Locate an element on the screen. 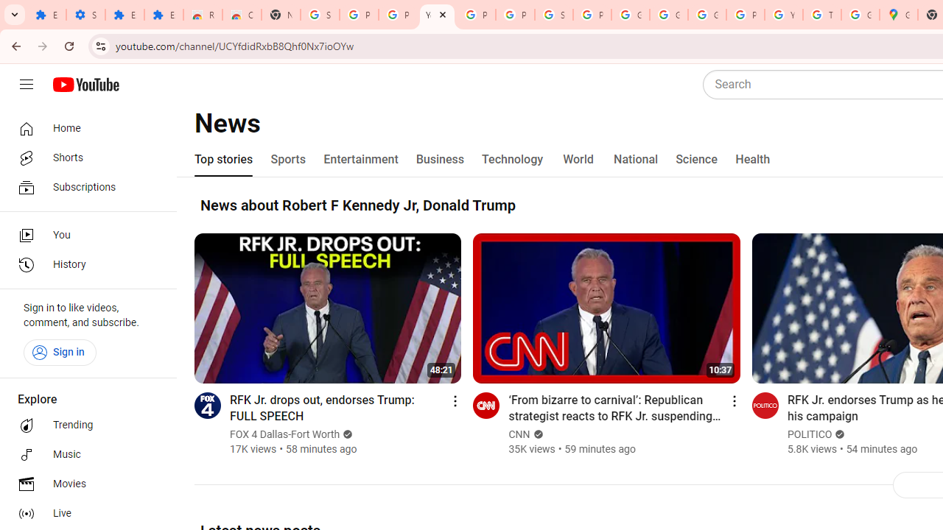 The image size is (943, 530). 'Top stories' is located at coordinates (223, 160).